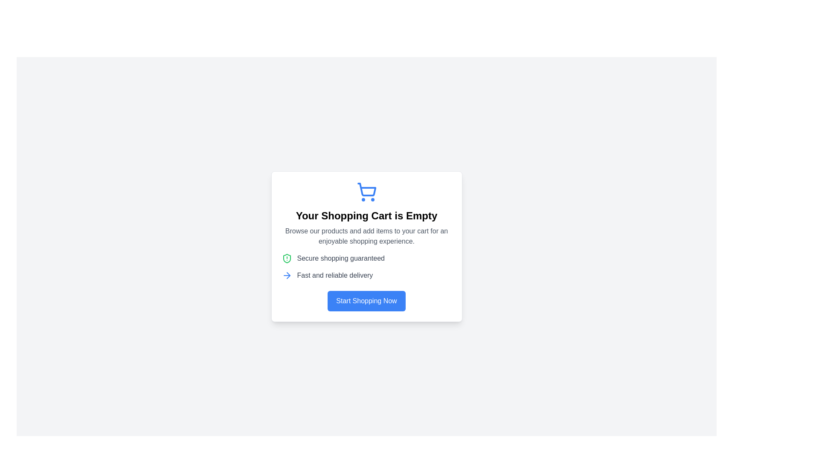 This screenshot has height=460, width=819. I want to click on the 'Start Shopping Now' button with a vivid blue background and white text, so click(366, 300).